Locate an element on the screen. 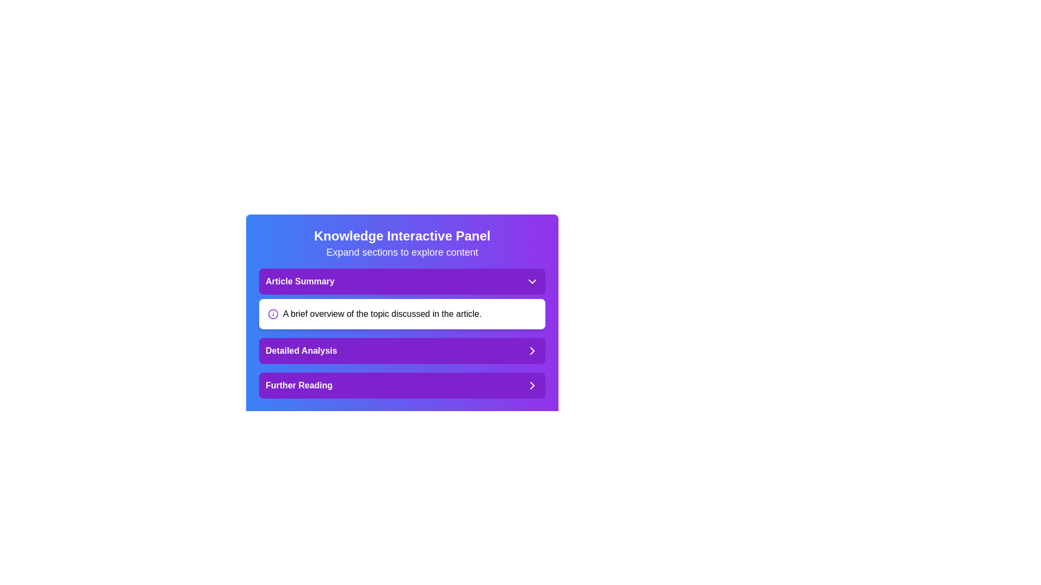 The width and height of the screenshot is (1041, 585). the text label that indicates the content is a detailed analysis, located in the second section of the interactive panel, between 'Article Summary' and 'Further Reading' is located at coordinates (301, 351).